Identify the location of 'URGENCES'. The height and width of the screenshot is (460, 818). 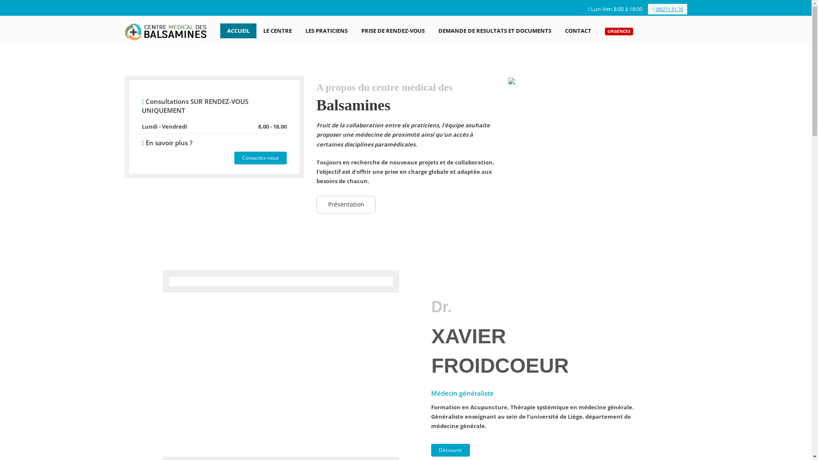
(619, 30).